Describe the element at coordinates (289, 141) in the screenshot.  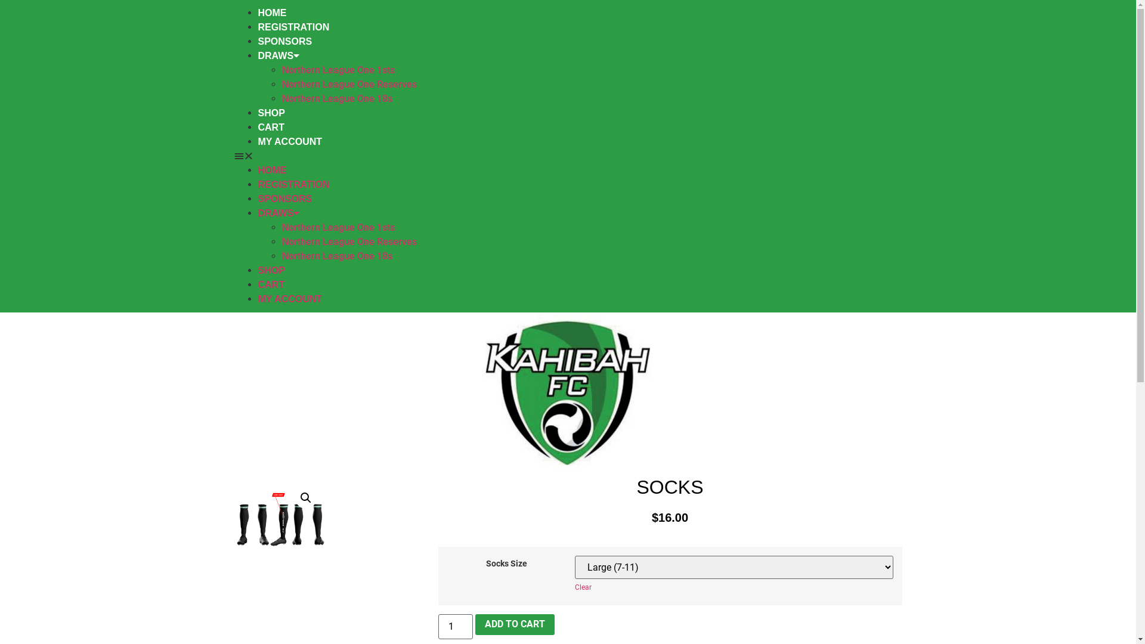
I see `'MY ACCOUNT'` at that location.